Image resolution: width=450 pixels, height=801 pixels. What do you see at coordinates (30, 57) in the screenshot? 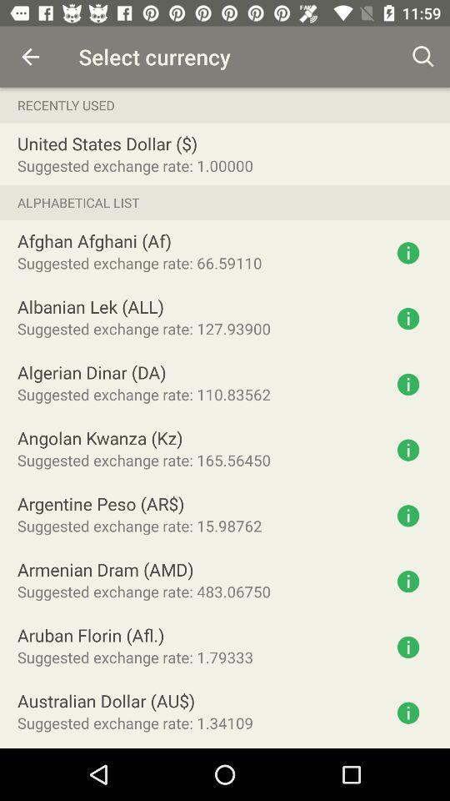
I see `icon next to the select currency` at bounding box center [30, 57].